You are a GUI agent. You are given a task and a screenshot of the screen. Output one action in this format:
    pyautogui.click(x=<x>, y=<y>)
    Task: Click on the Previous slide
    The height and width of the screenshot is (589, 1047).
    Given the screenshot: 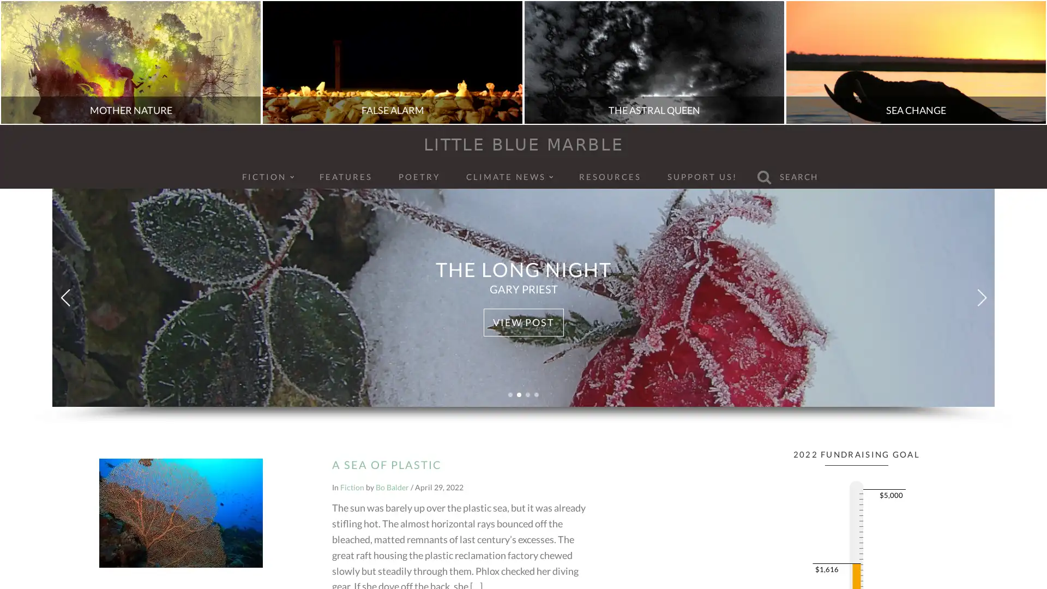 What is the action you would take?
    pyautogui.click(x=64, y=298)
    